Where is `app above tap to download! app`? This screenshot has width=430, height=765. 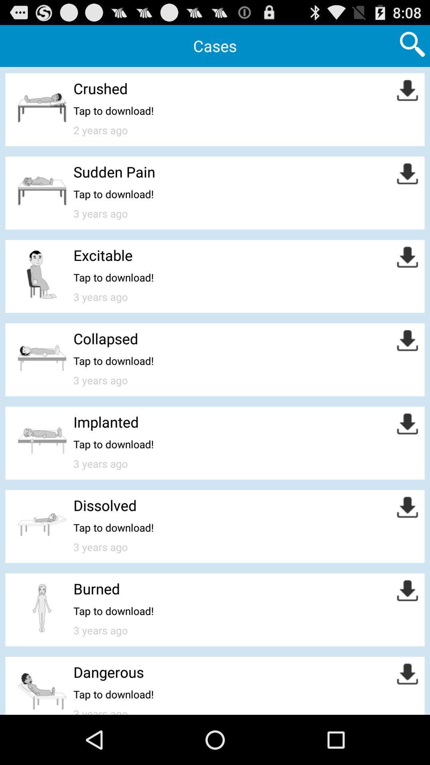 app above tap to download! app is located at coordinates (106, 422).